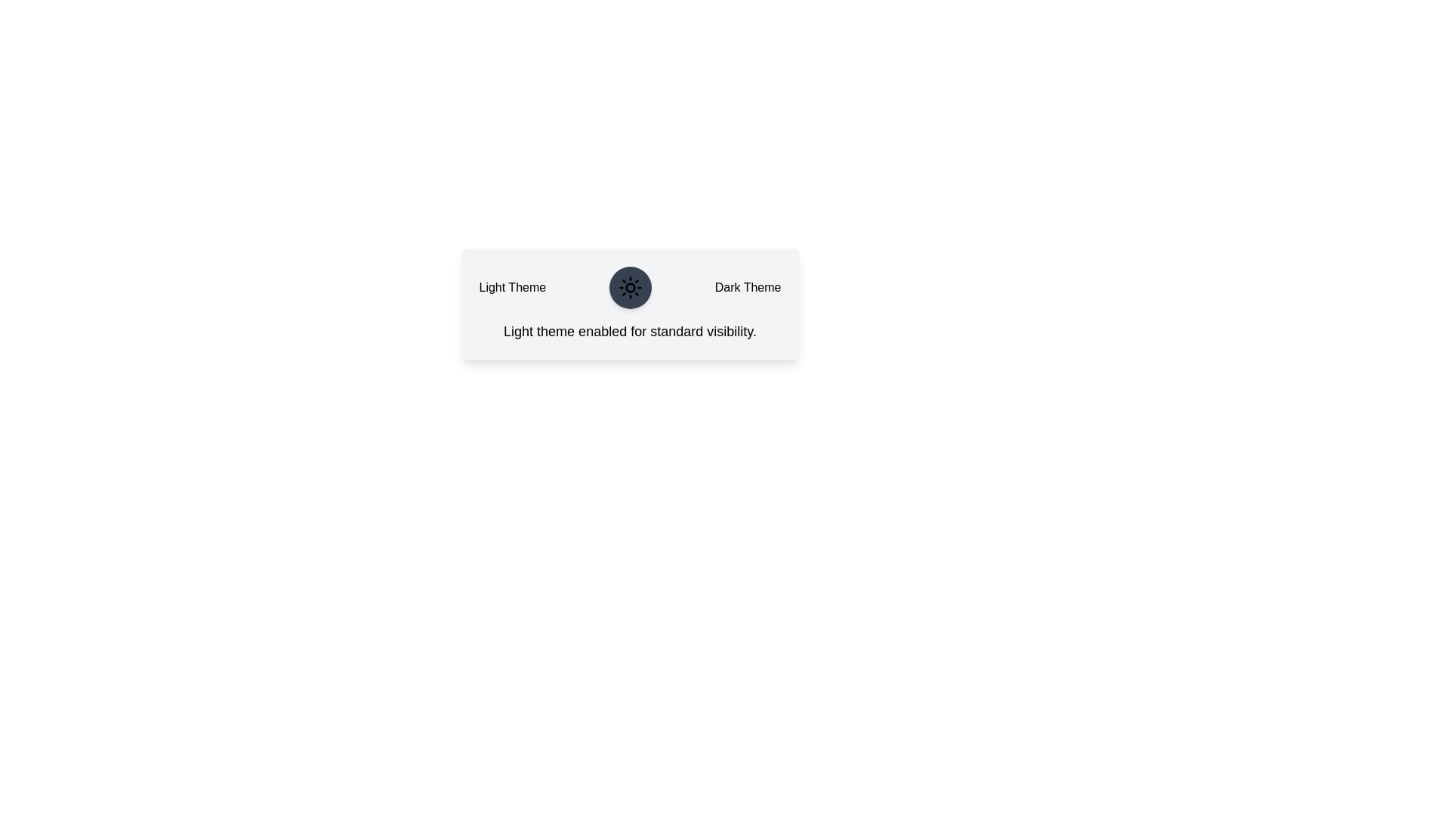 This screenshot has width=1450, height=816. What do you see at coordinates (631, 288) in the screenshot?
I see `theme toggle button to inspect the layout and text elements` at bounding box center [631, 288].